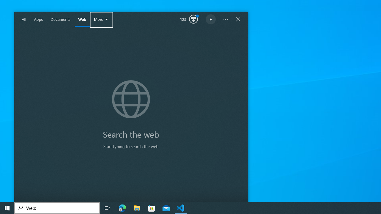 The image size is (381, 214). Describe the element at coordinates (82, 19) in the screenshot. I see `'Web'` at that location.